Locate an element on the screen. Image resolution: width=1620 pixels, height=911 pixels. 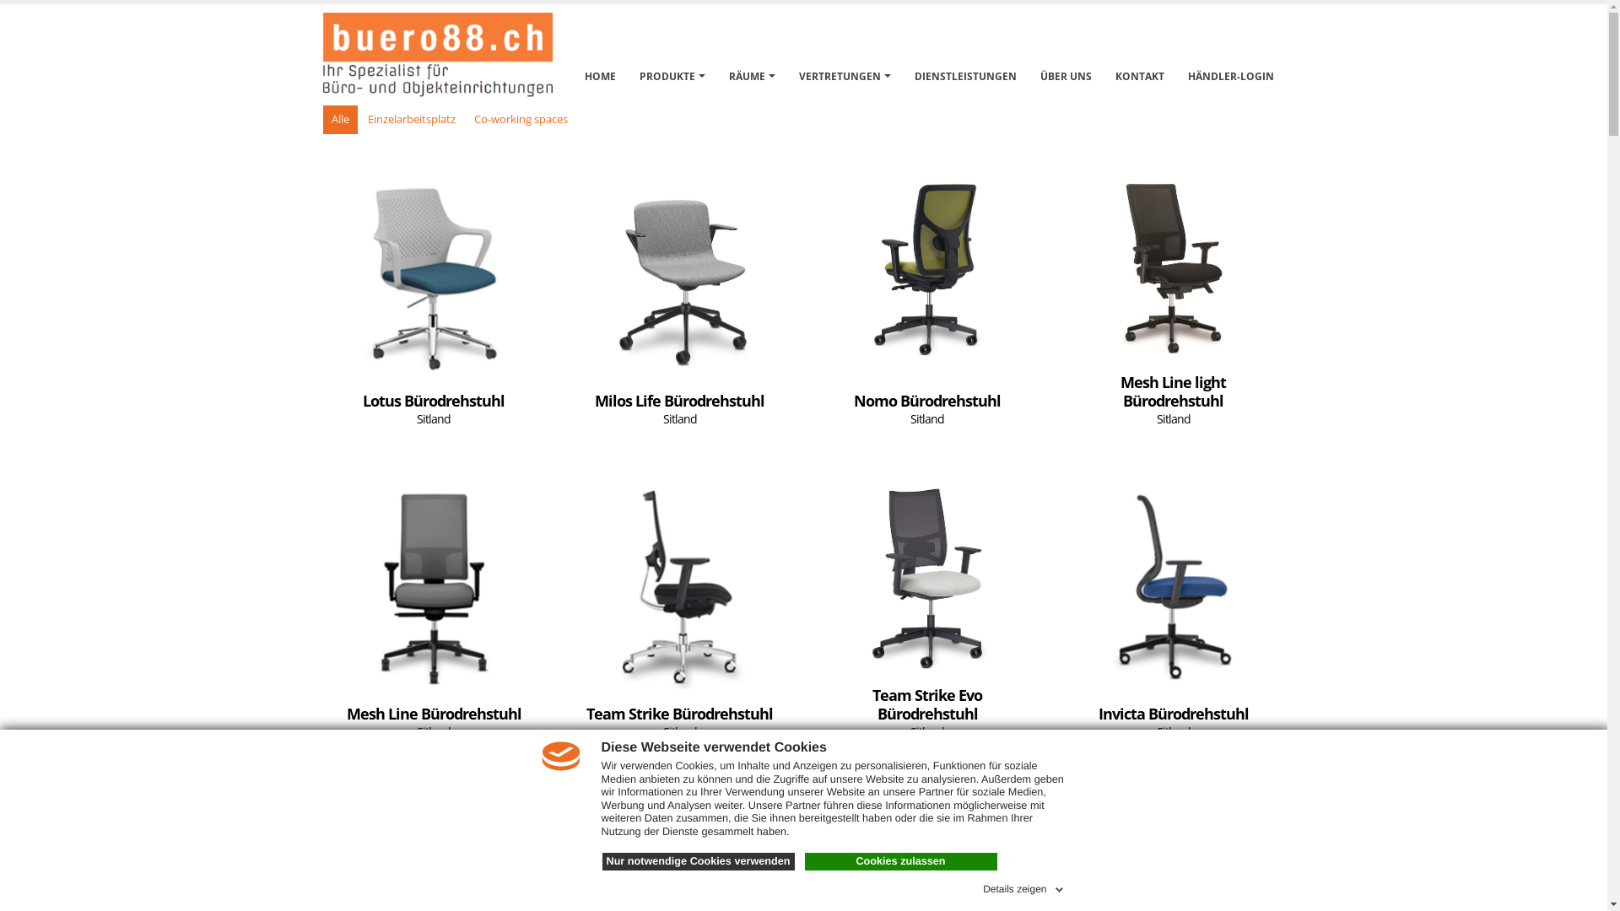
'Alle' is located at coordinates (322, 119).